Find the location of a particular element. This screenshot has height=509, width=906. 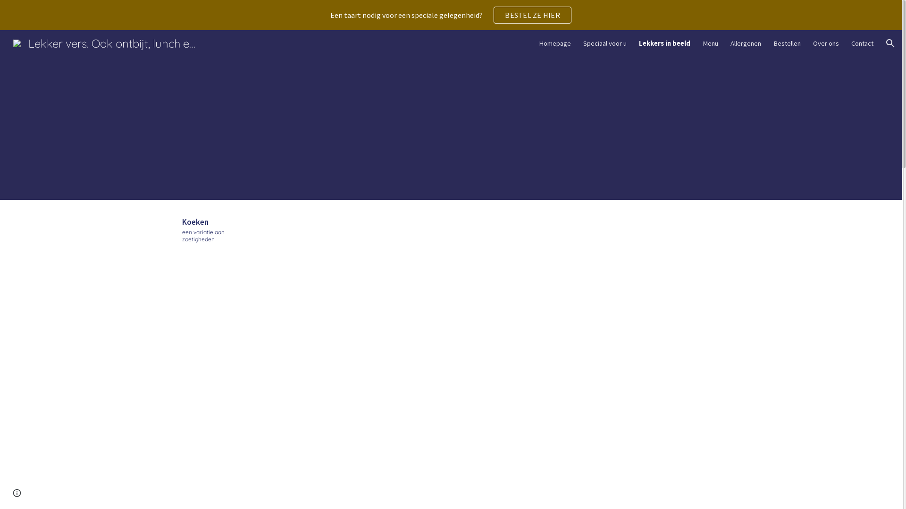

'Homepage' is located at coordinates (555, 43).